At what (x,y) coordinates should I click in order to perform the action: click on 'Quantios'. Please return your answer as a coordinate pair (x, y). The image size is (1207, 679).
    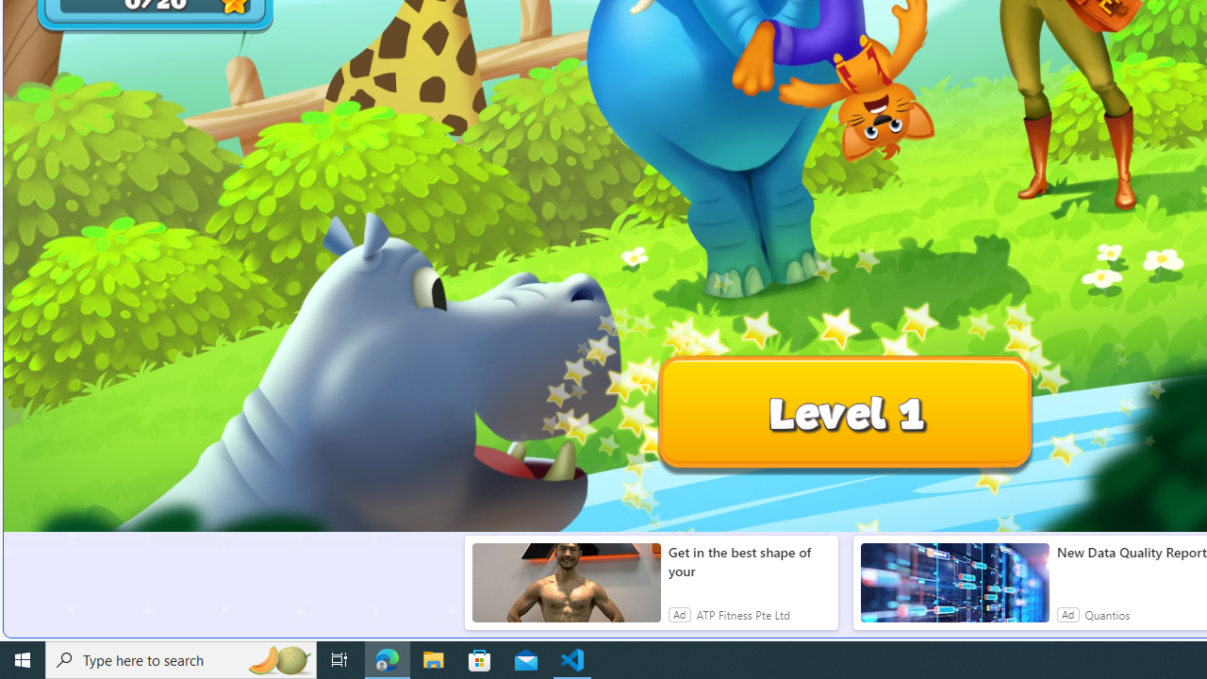
    Looking at the image, I should click on (1107, 614).